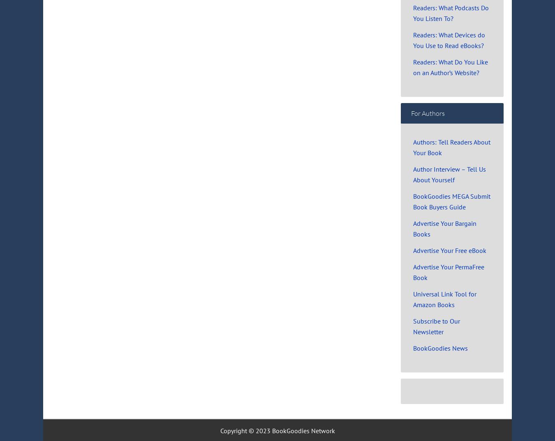 This screenshot has width=555, height=441. What do you see at coordinates (449, 174) in the screenshot?
I see `'Author Interview – Tell Us About Yourself'` at bounding box center [449, 174].